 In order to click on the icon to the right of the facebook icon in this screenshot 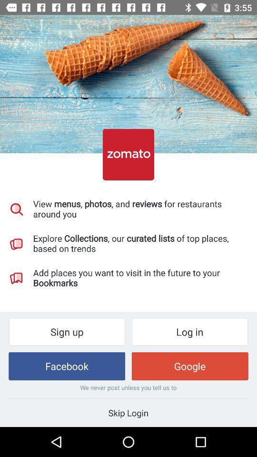, I will do `click(190, 366)`.